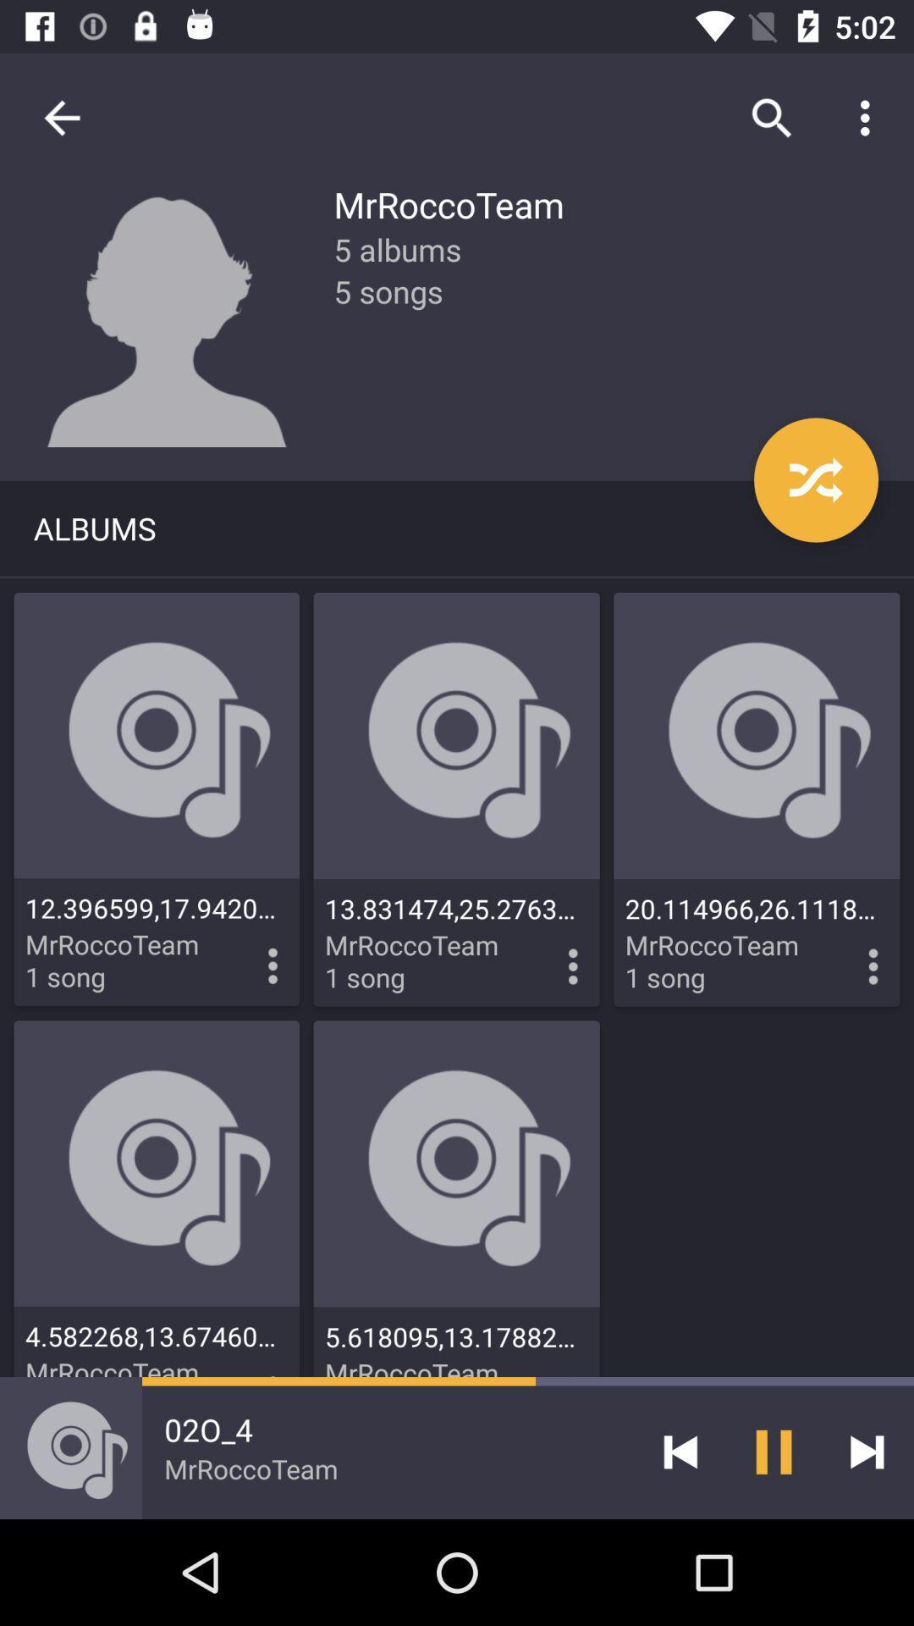  Describe the element at coordinates (680, 1451) in the screenshot. I see `the skip_previous icon` at that location.